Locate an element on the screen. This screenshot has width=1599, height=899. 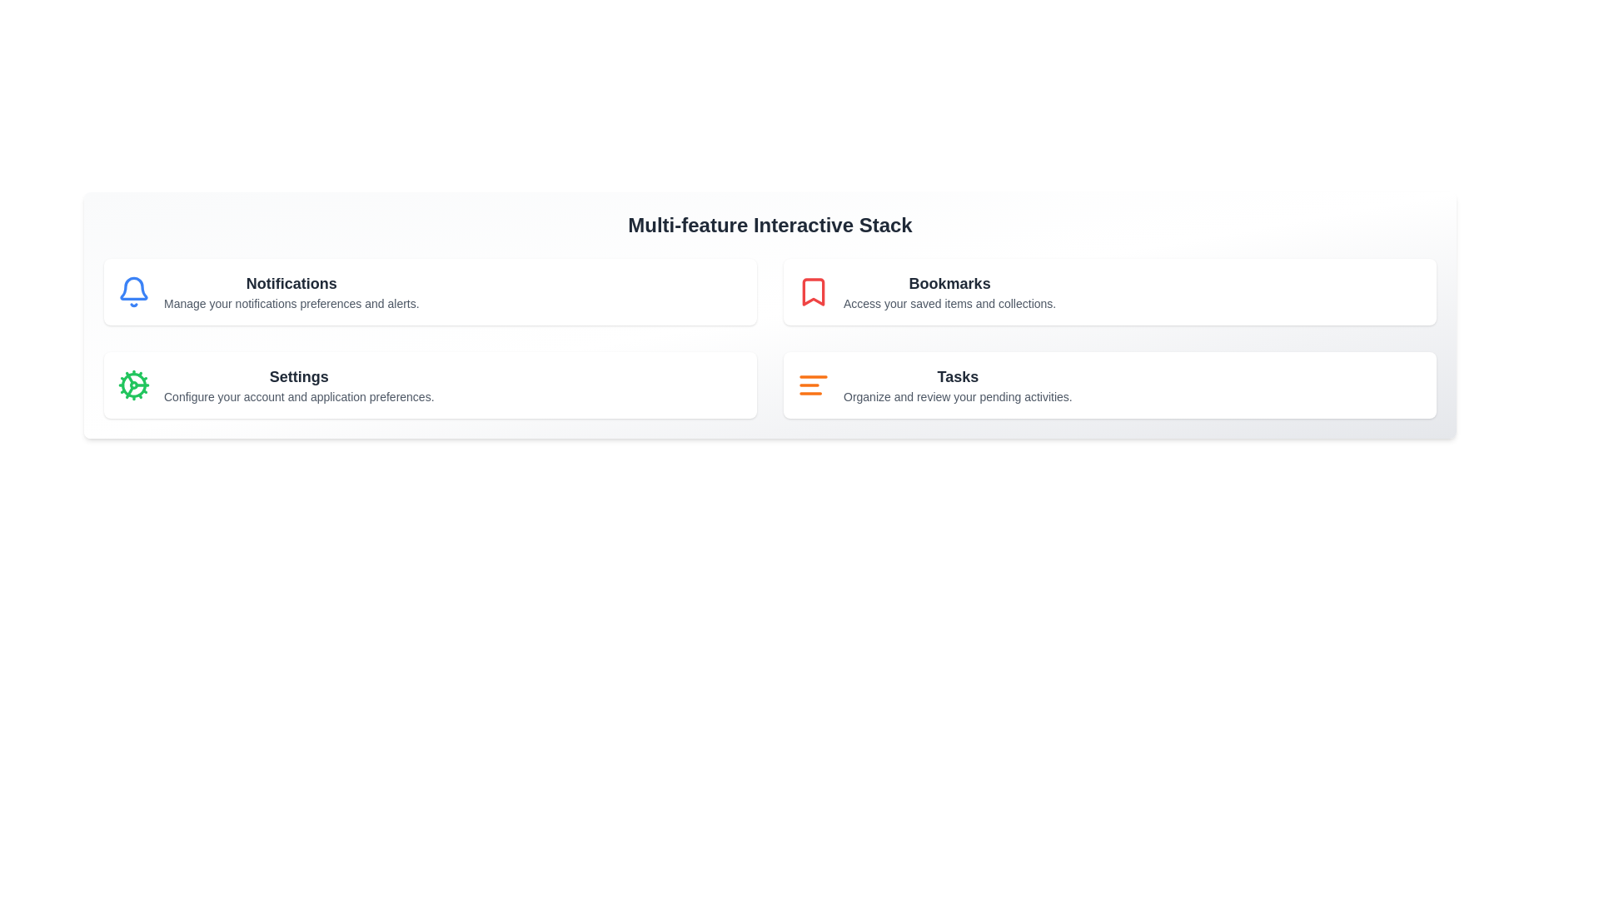
the Information card, which is the third card in a four-card grid layout, located in the bottom-left corner beneath the Notifications card and to the left of the Tasks card is located at coordinates (431, 385).